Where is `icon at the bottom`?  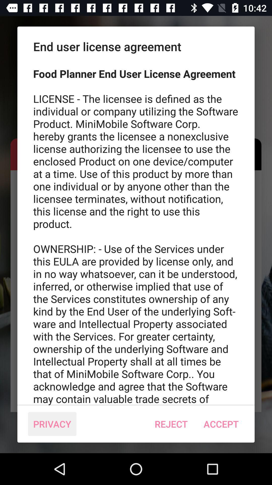
icon at the bottom is located at coordinates (171, 424).